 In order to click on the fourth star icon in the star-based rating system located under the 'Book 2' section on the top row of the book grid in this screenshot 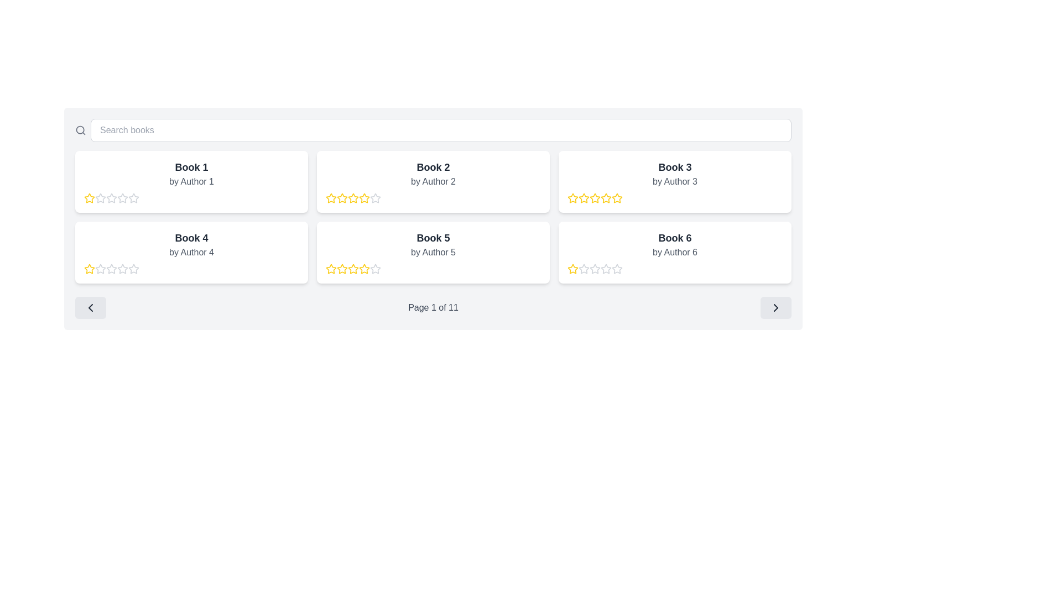, I will do `click(352, 197)`.